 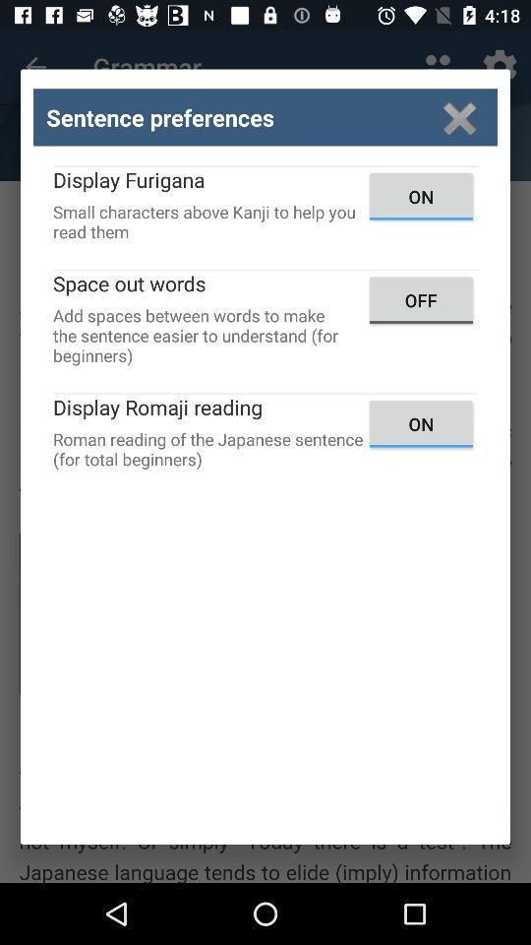 What do you see at coordinates (420, 300) in the screenshot?
I see `item below small characters above icon` at bounding box center [420, 300].